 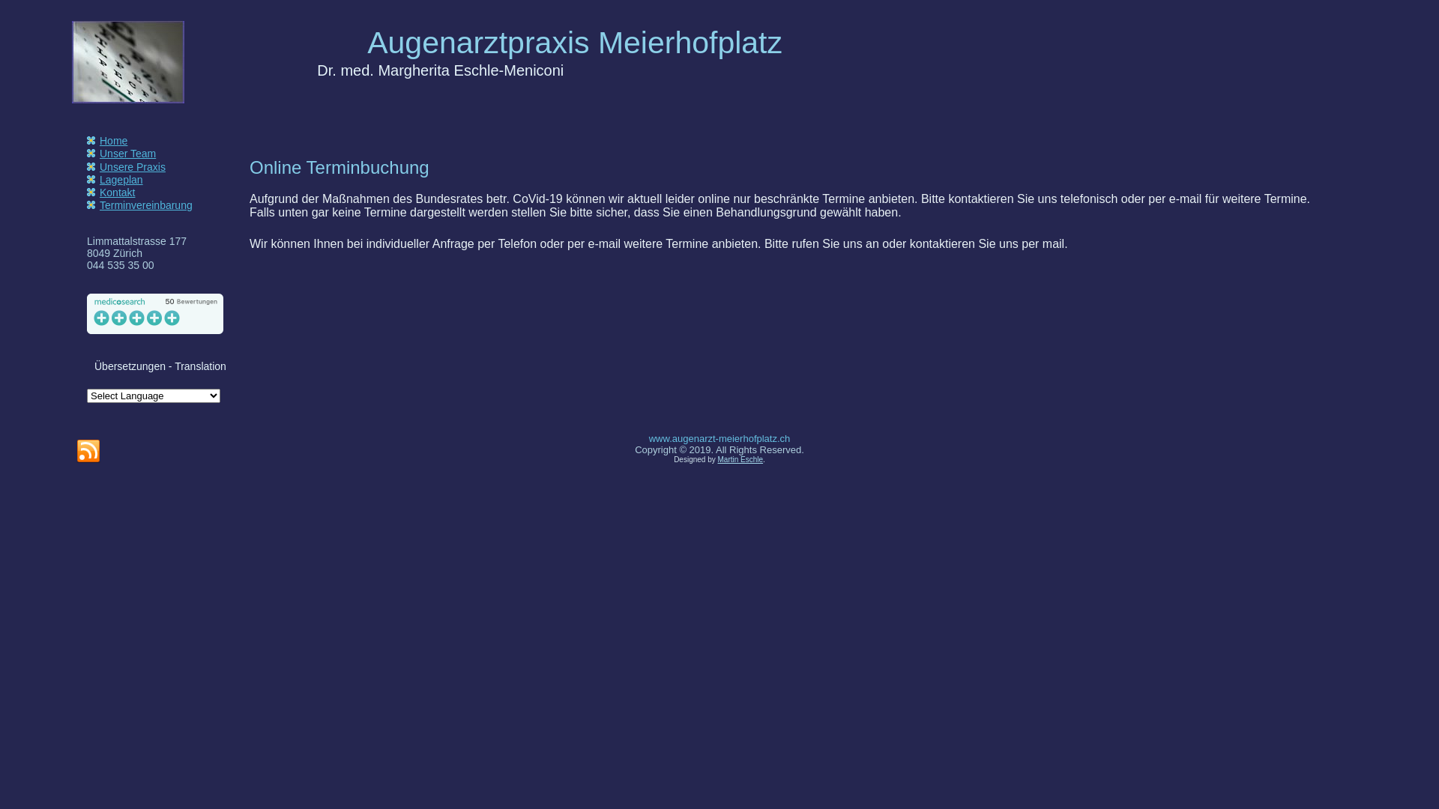 I want to click on 'Kontakt', so click(x=116, y=192).